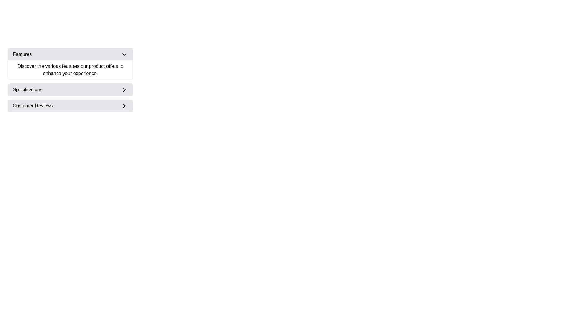  What do you see at coordinates (124, 90) in the screenshot?
I see `the chevron icon located at the far right of the 'Specifications' bar` at bounding box center [124, 90].